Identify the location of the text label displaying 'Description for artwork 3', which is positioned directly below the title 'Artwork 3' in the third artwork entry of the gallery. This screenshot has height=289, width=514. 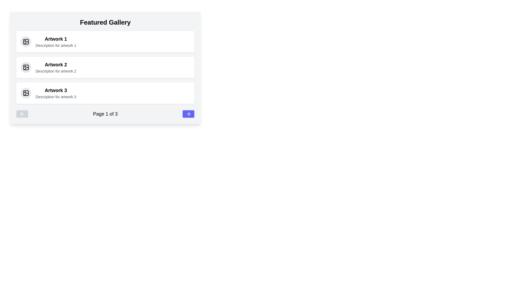
(56, 97).